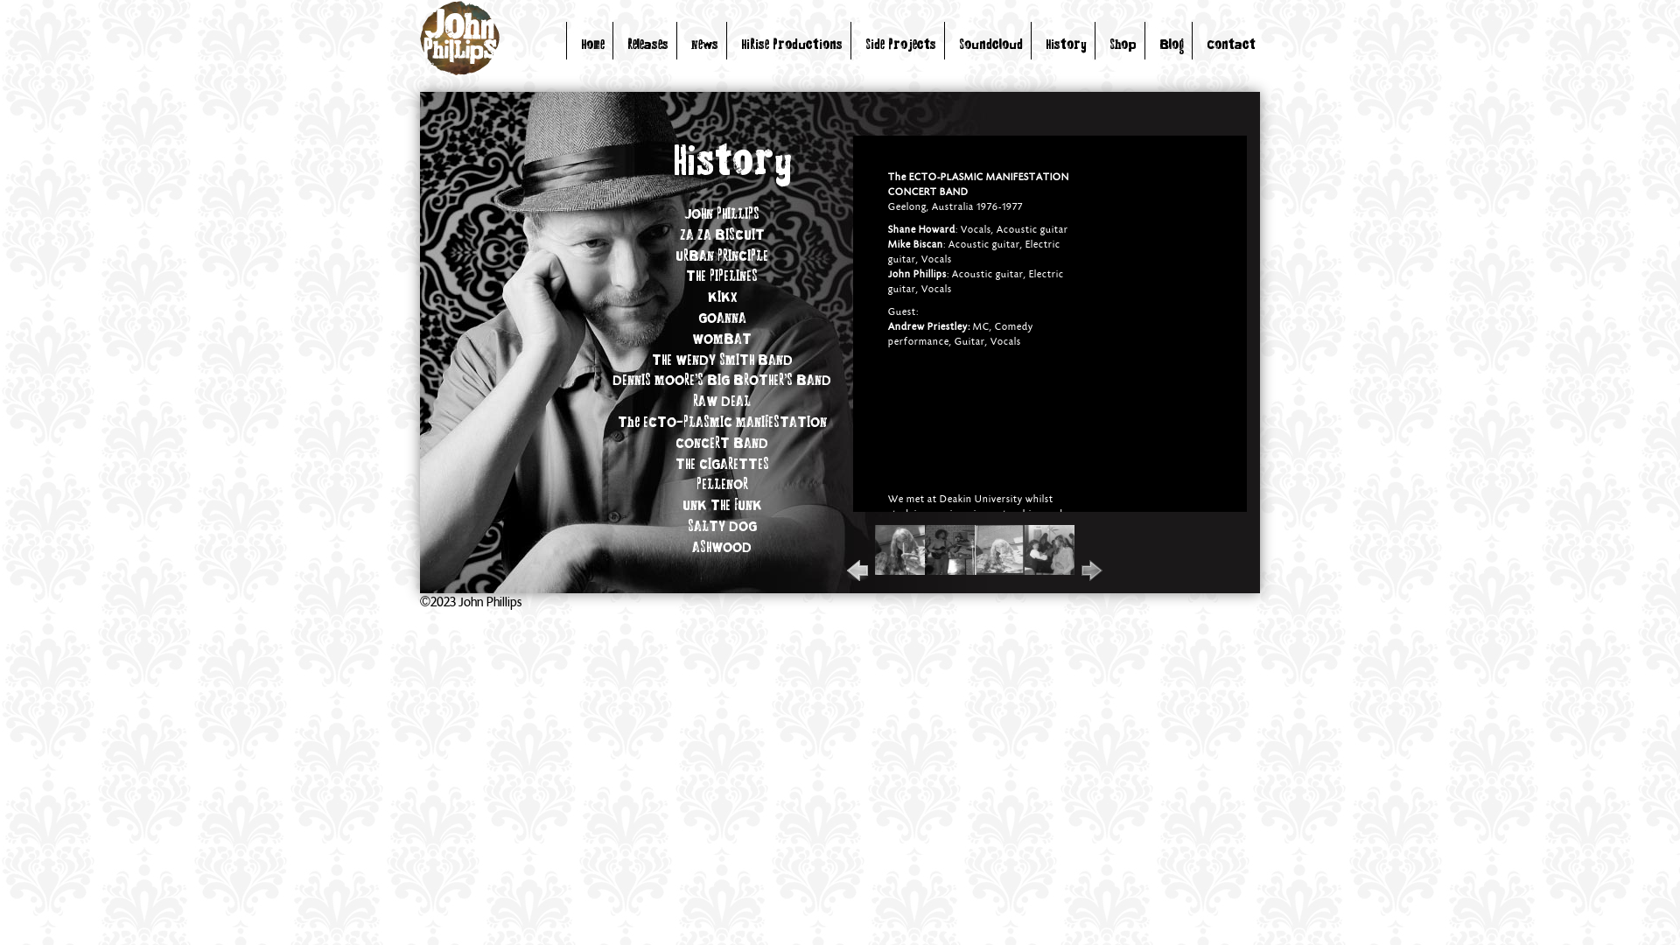  I want to click on 'SALTY DOG', so click(722, 526).